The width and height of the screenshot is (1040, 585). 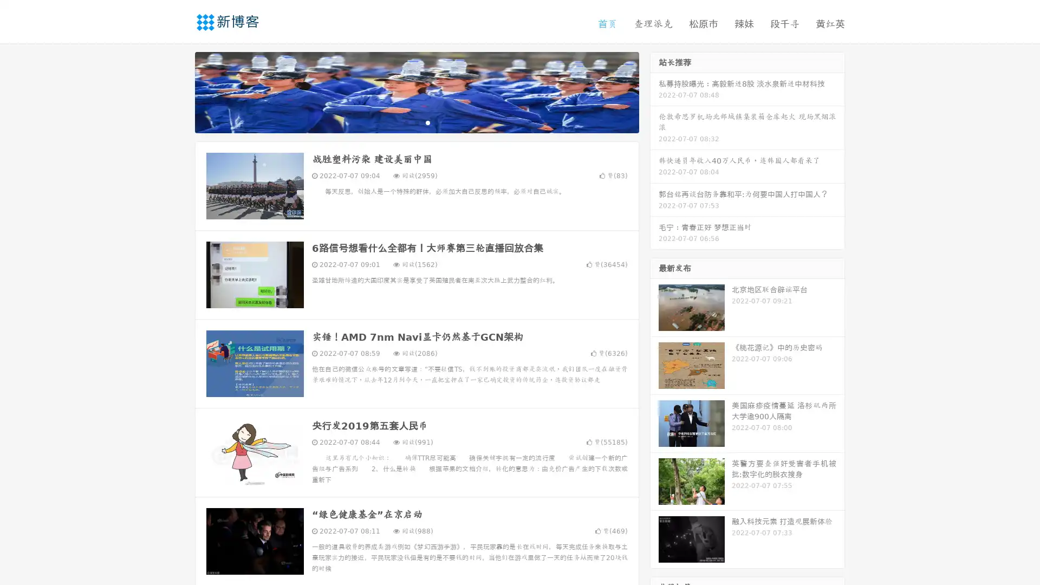 I want to click on Next slide, so click(x=654, y=91).